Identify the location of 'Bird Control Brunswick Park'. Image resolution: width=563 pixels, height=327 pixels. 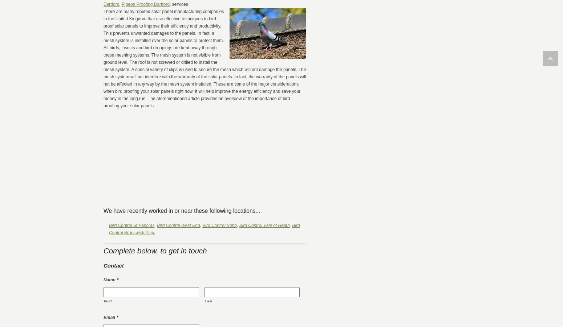
(204, 228).